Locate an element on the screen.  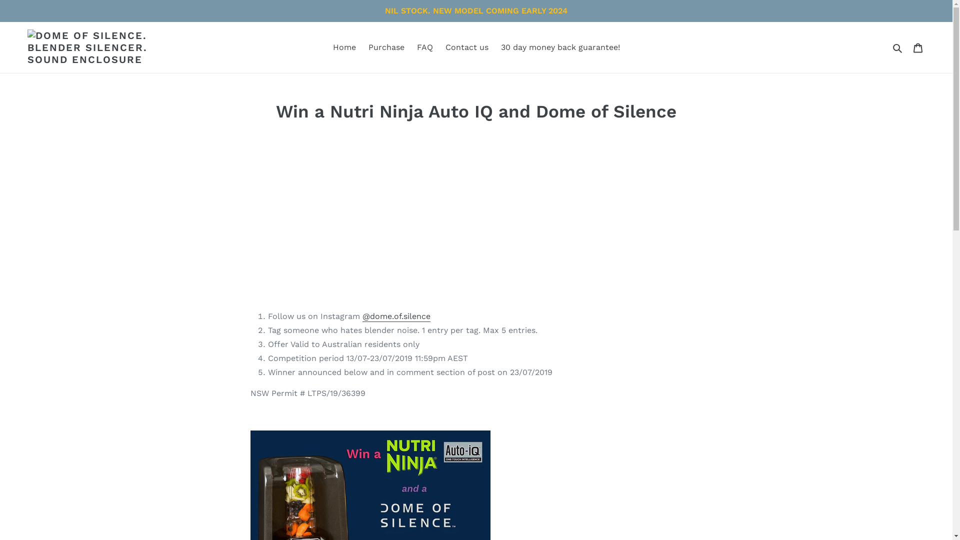
'FAQ' is located at coordinates (424, 47).